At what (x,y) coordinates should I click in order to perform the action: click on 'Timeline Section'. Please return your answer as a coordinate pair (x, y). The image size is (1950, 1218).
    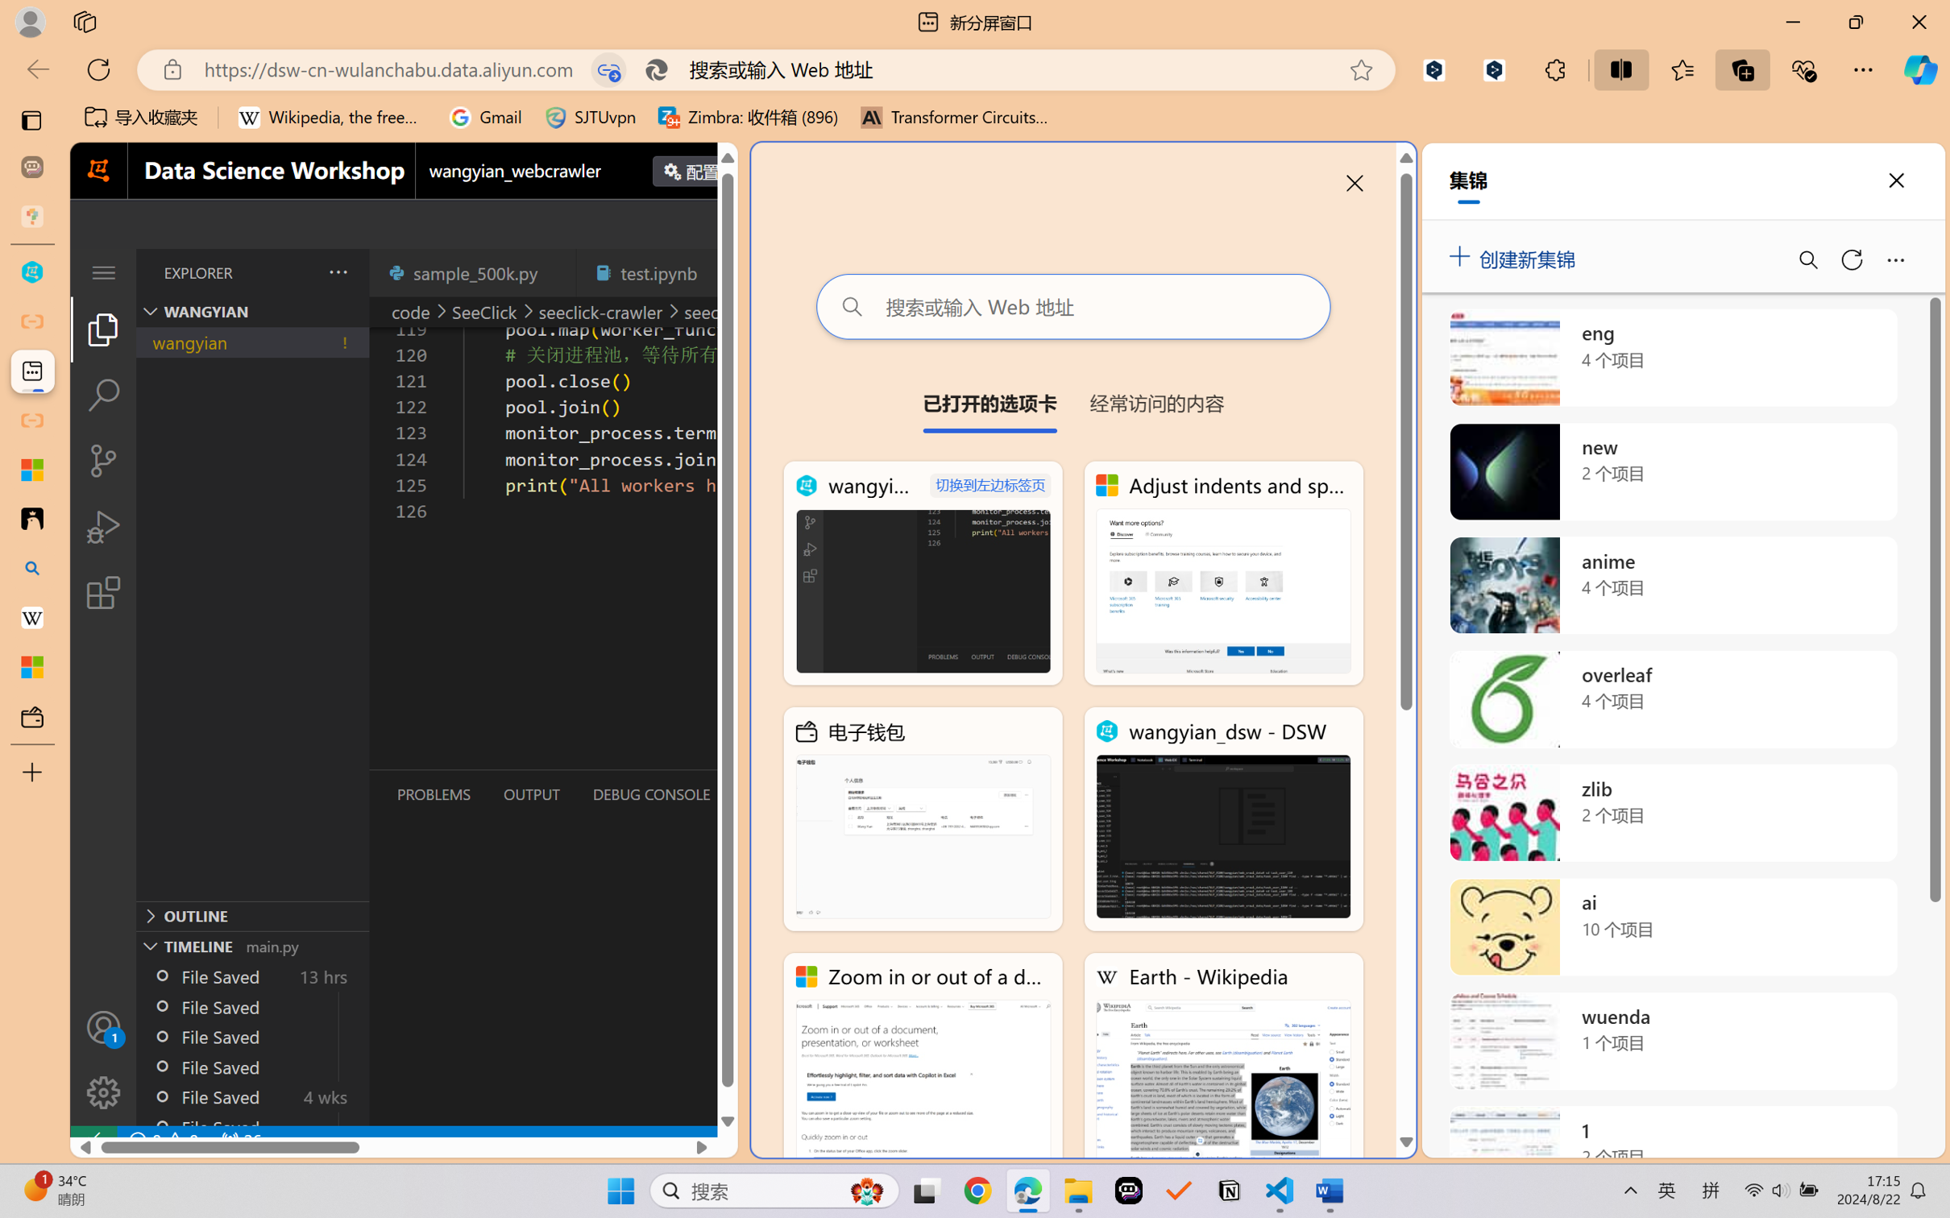
    Looking at the image, I should click on (252, 946).